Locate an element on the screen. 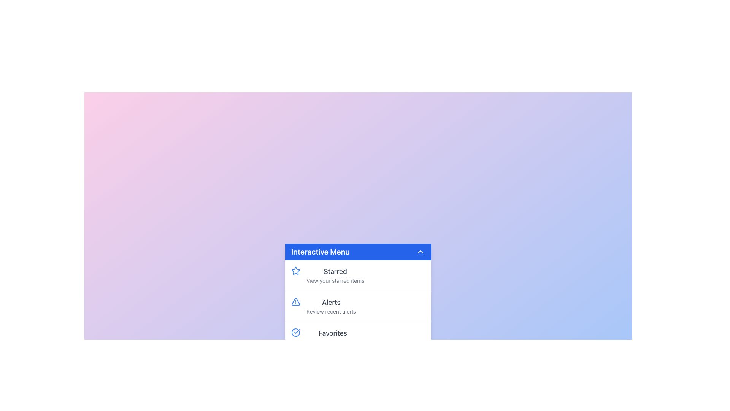 This screenshot has height=411, width=730. the last menu item in the 'Interactive Menu' panel located at the bottom of the vertical menu, beneath the 'Alerts' menu item is located at coordinates (357, 337).